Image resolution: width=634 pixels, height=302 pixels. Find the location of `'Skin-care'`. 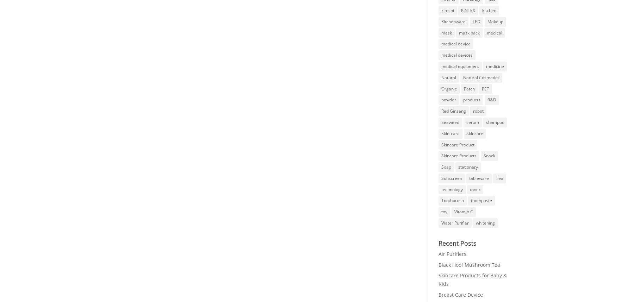

'Skin-care' is located at coordinates (450, 133).